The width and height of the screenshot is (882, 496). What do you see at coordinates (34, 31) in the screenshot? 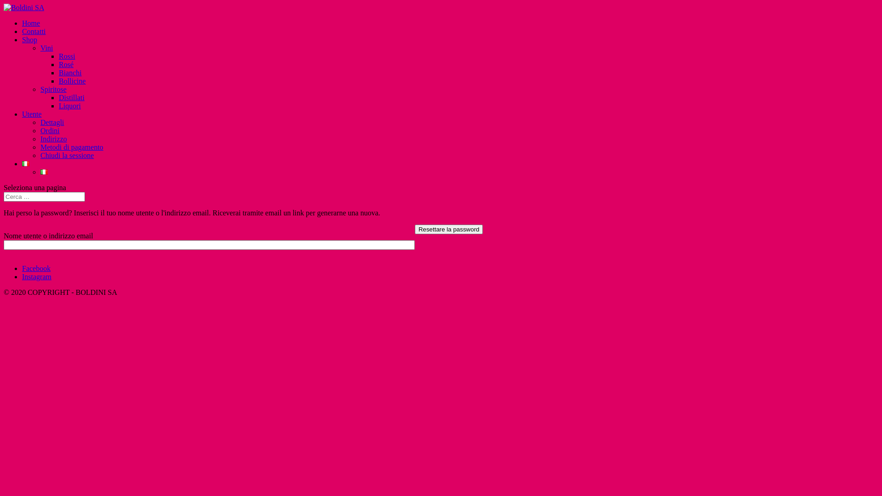
I see `'Contatti'` at bounding box center [34, 31].